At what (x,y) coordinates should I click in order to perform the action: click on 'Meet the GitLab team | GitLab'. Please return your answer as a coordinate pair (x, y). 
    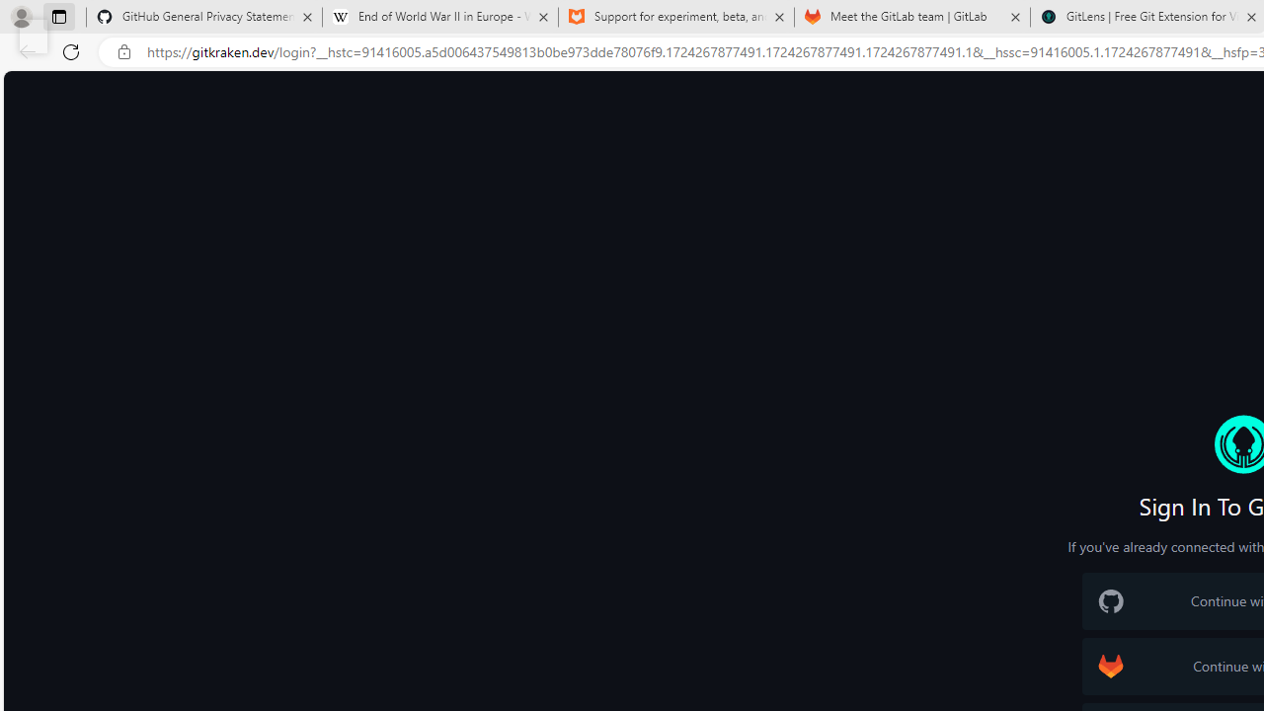
    Looking at the image, I should click on (911, 17).